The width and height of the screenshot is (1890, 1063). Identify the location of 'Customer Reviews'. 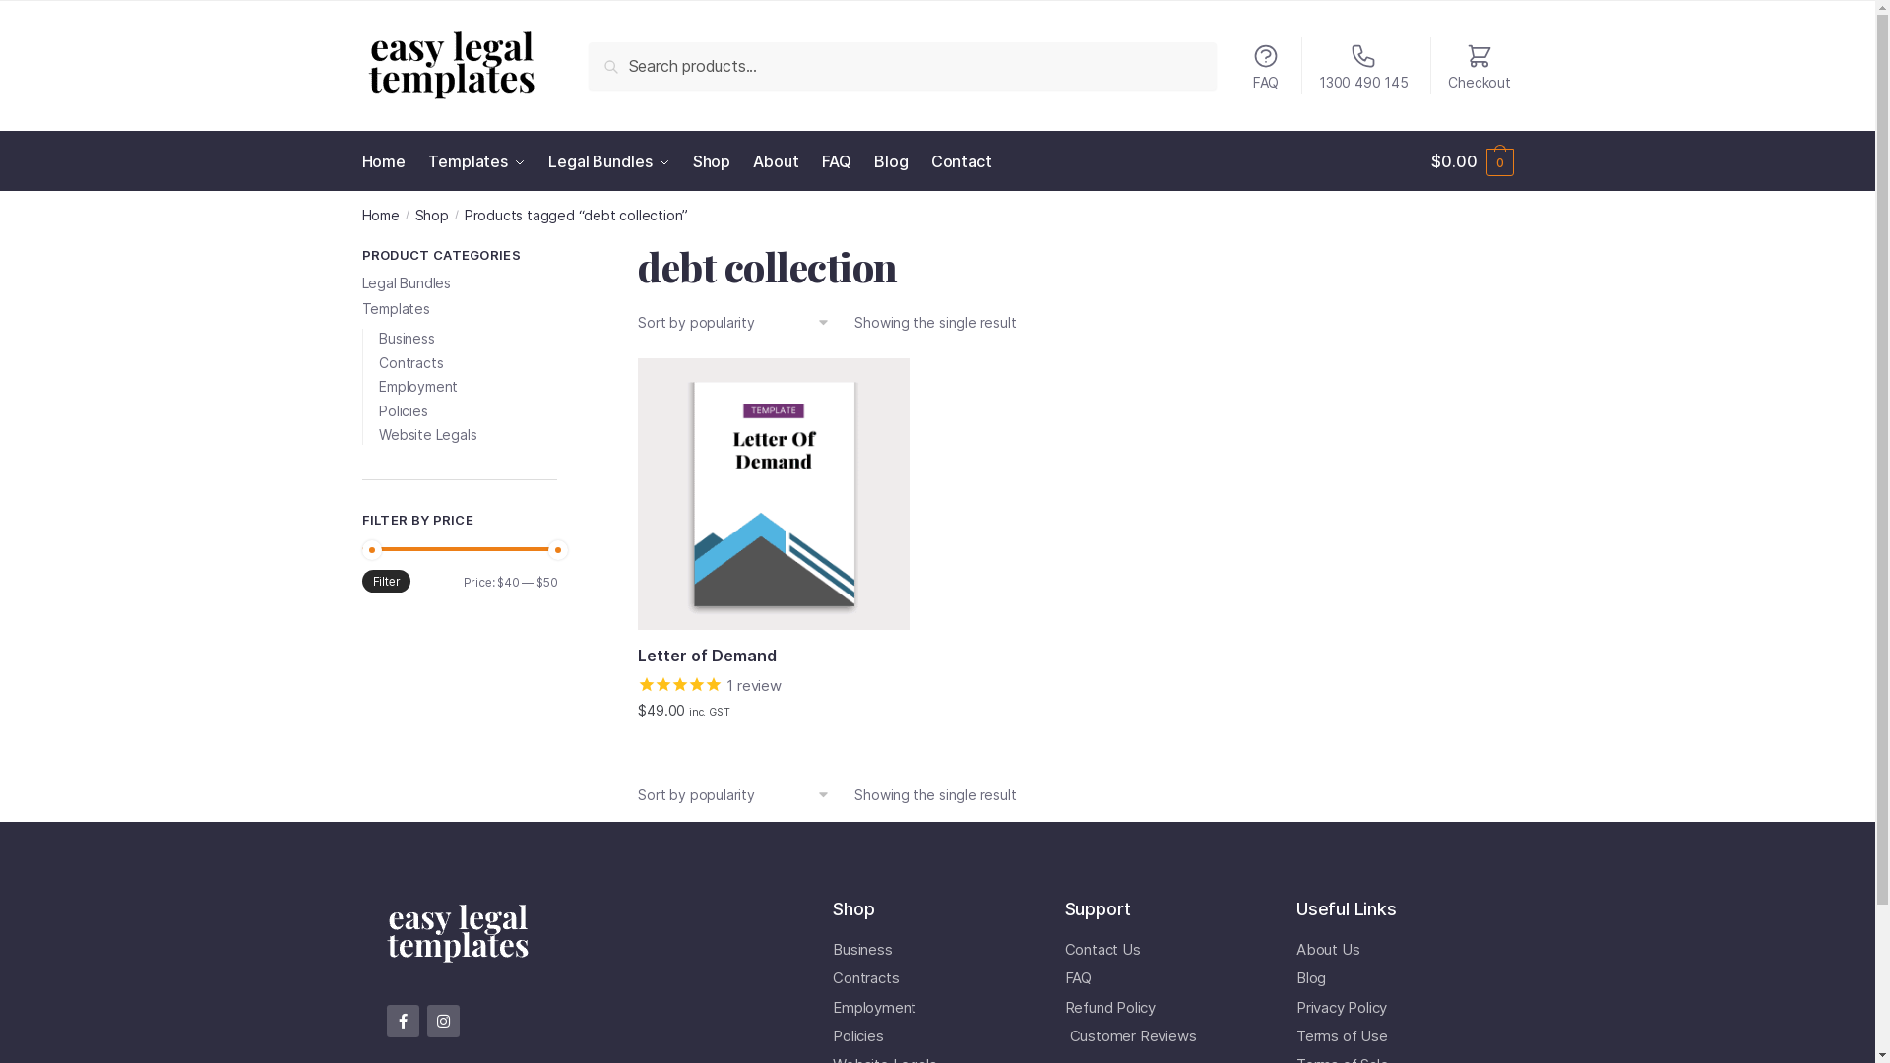
(1161, 1035).